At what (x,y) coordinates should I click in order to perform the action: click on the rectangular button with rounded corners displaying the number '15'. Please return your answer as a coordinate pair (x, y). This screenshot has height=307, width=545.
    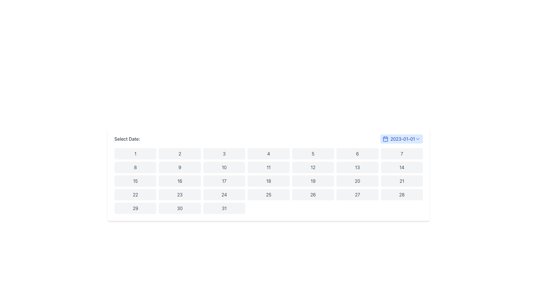
    Looking at the image, I should click on (135, 181).